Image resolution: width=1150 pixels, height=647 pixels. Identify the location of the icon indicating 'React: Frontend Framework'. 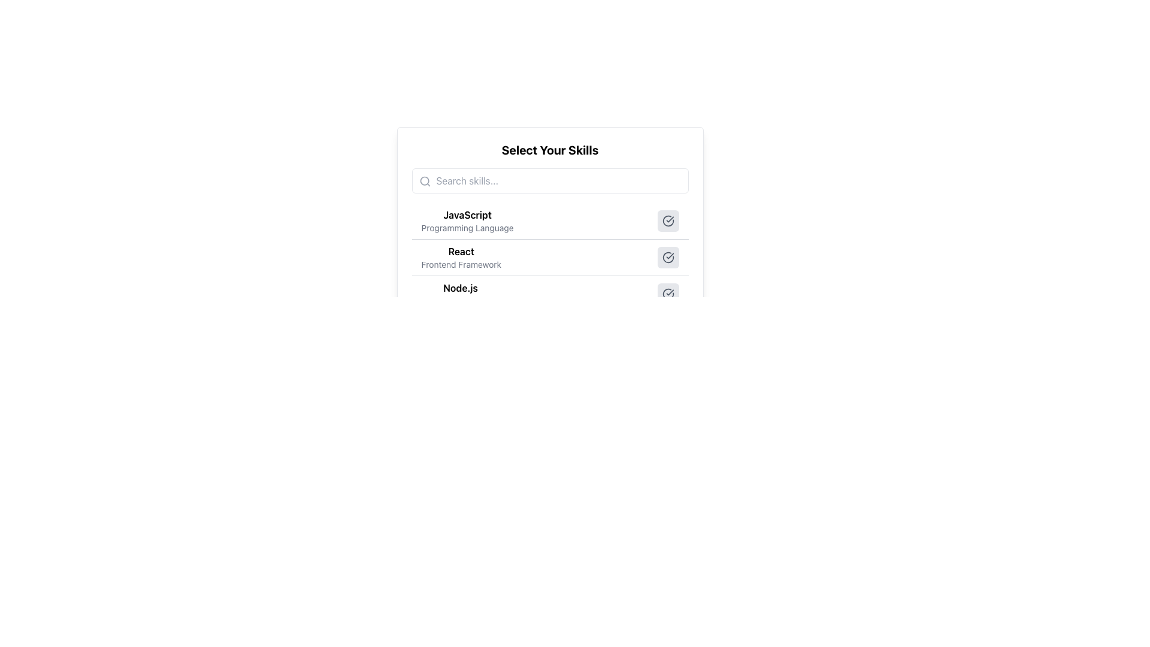
(667, 256).